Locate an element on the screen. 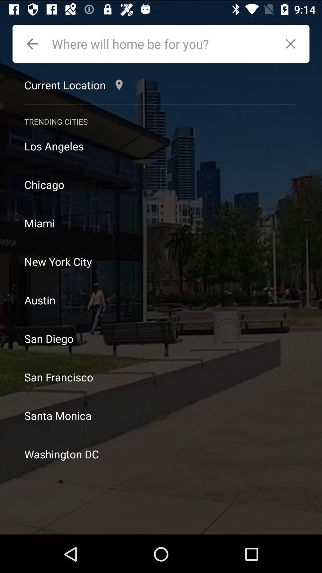 The height and width of the screenshot is (573, 322). item above the santa monica item is located at coordinates (161, 377).